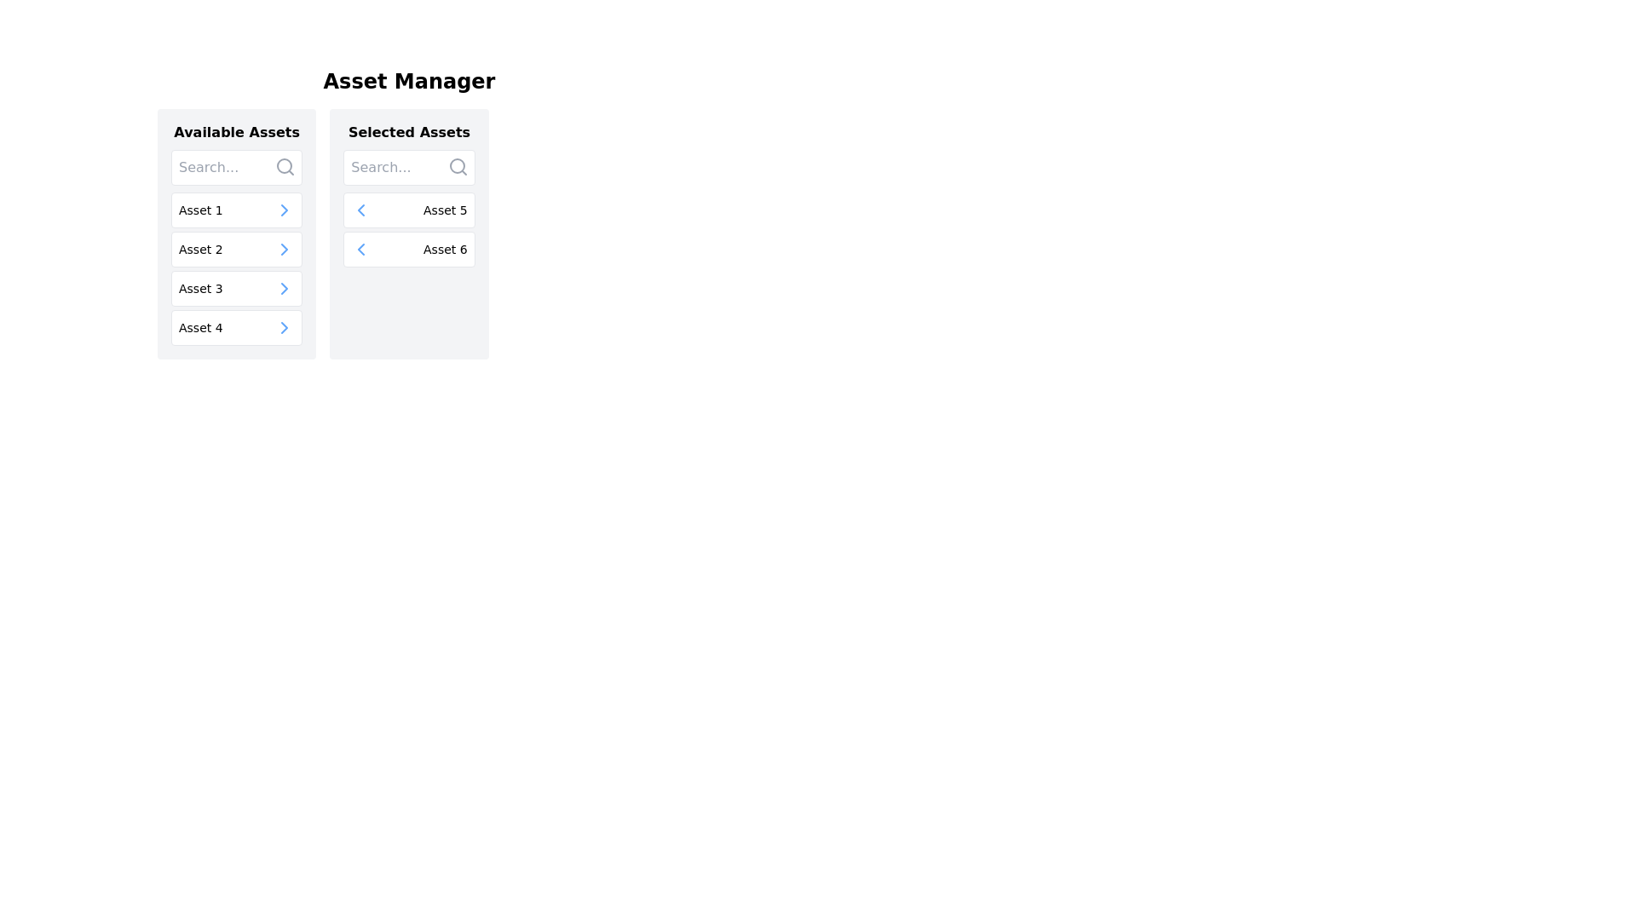  I want to click on the chevron button corresponding to 'Asset 4', so click(285, 328).